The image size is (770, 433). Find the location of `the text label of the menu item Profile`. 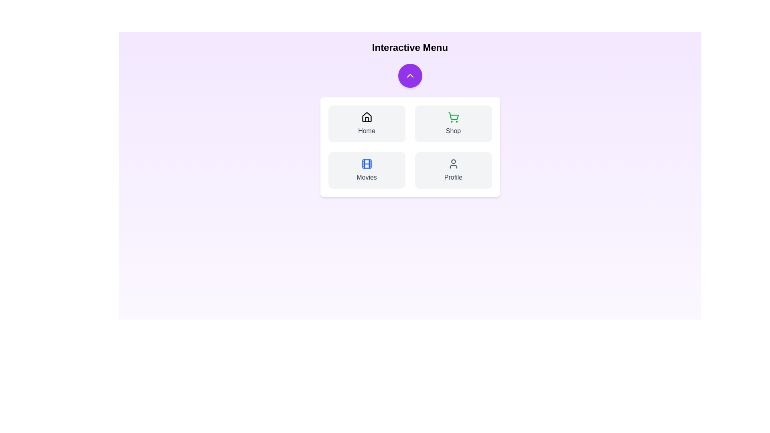

the text label of the menu item Profile is located at coordinates (453, 177).